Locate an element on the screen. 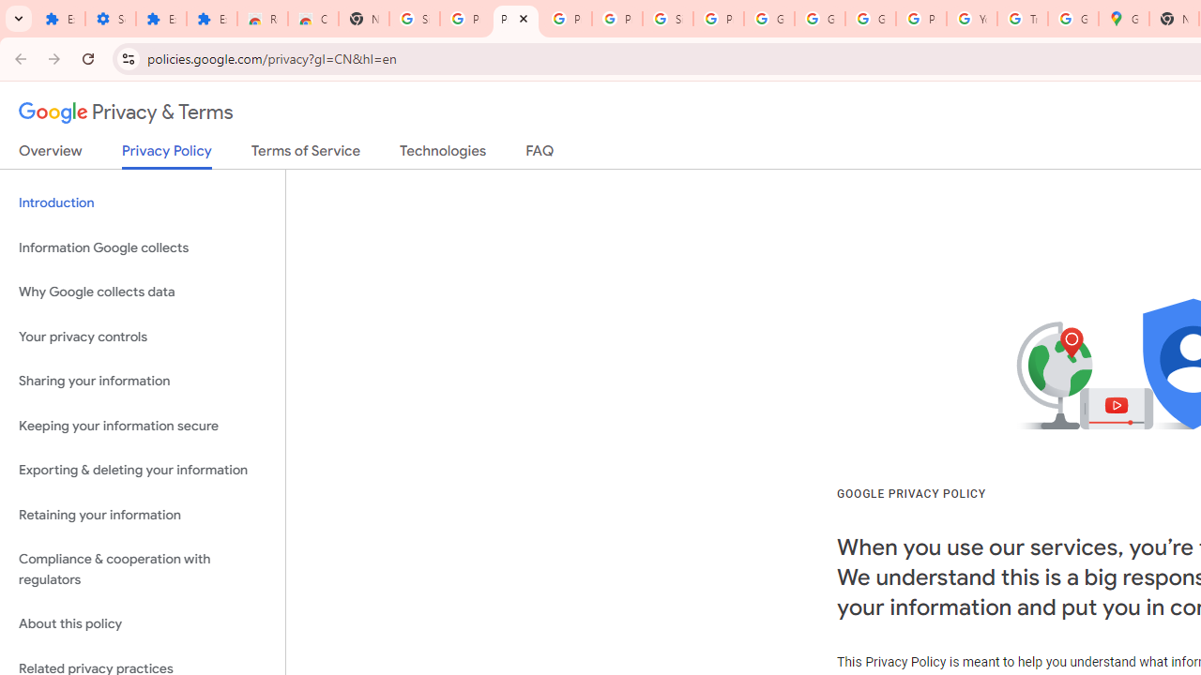  'FAQ' is located at coordinates (540, 154).